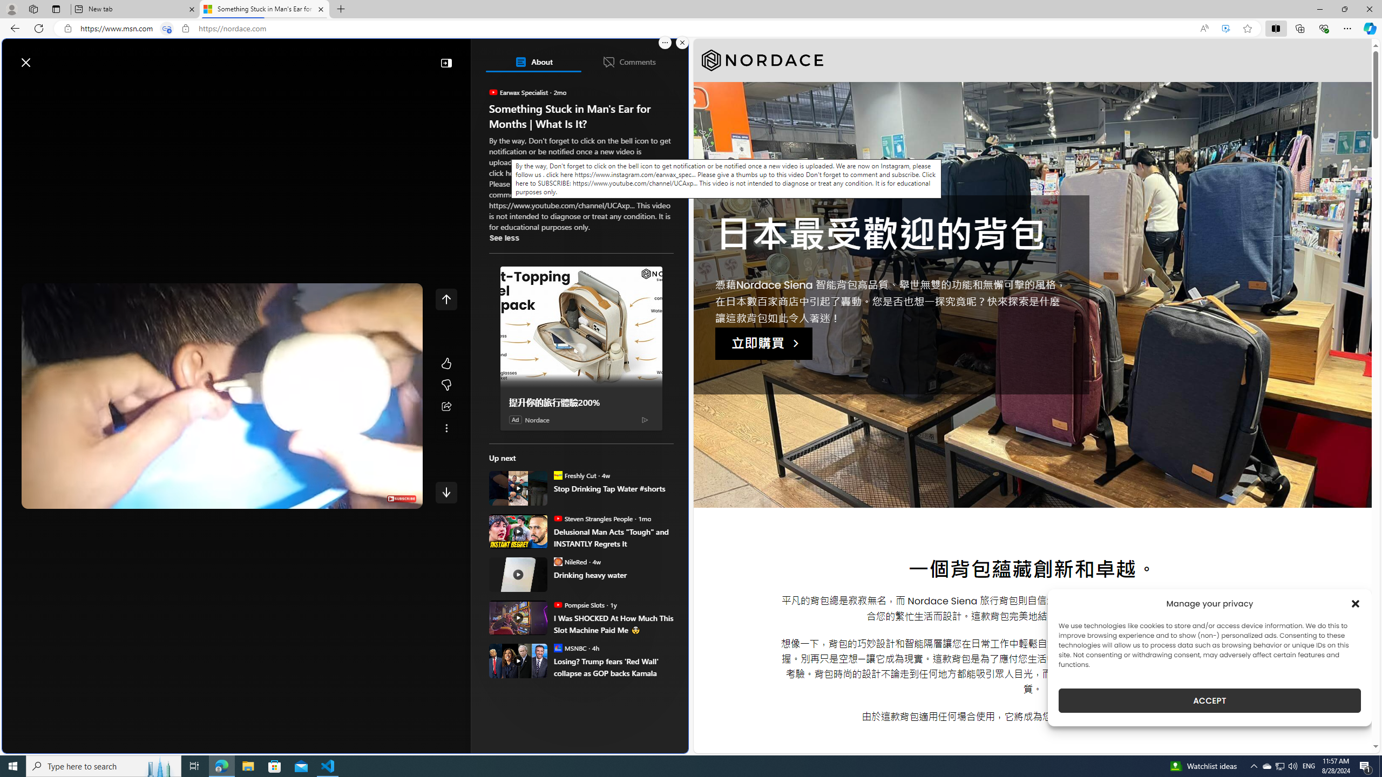  What do you see at coordinates (44, 87) in the screenshot?
I see `'Discover'` at bounding box center [44, 87].